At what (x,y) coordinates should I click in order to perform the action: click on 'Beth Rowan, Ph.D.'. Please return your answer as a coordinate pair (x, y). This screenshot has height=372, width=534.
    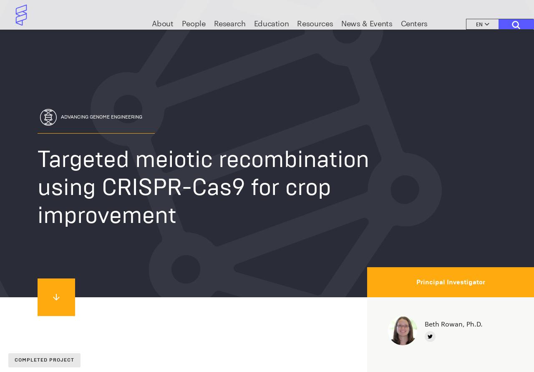
    Looking at the image, I should click on (453, 323).